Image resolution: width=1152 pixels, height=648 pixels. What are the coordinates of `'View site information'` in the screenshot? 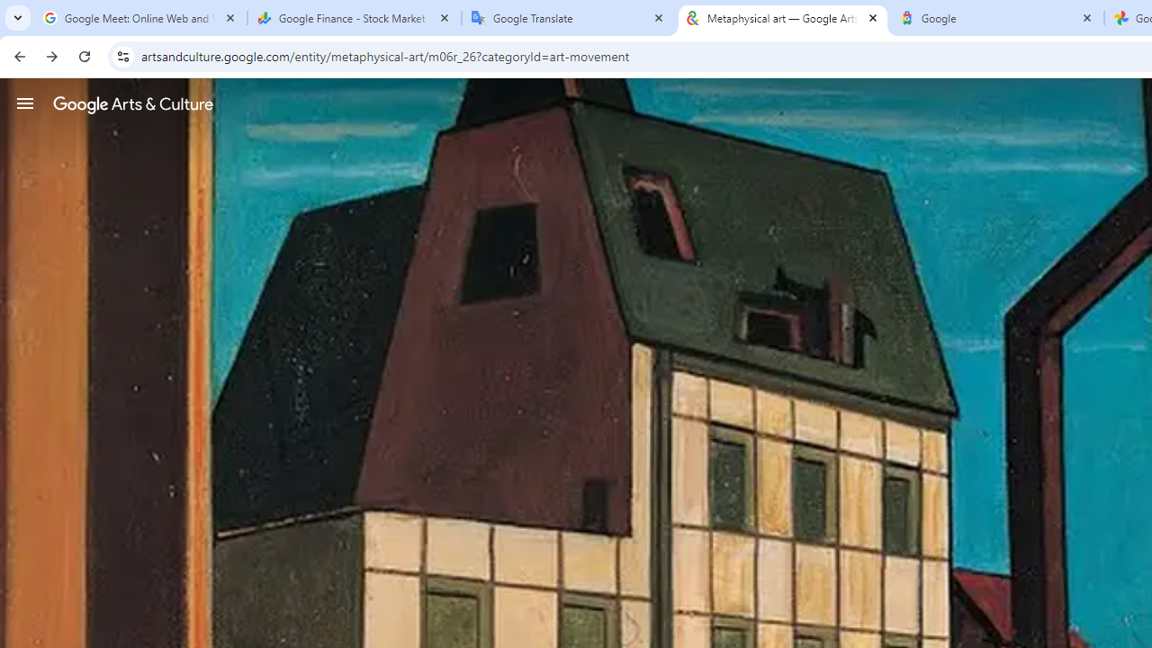 It's located at (121, 55).